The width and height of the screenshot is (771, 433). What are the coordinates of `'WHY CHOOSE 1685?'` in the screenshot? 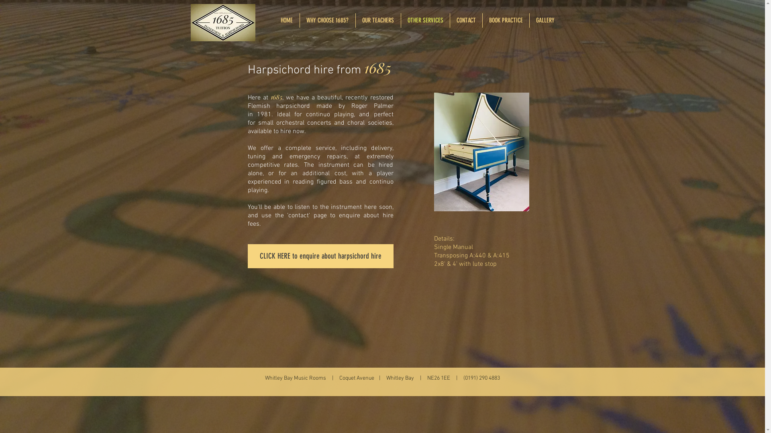 It's located at (299, 20).